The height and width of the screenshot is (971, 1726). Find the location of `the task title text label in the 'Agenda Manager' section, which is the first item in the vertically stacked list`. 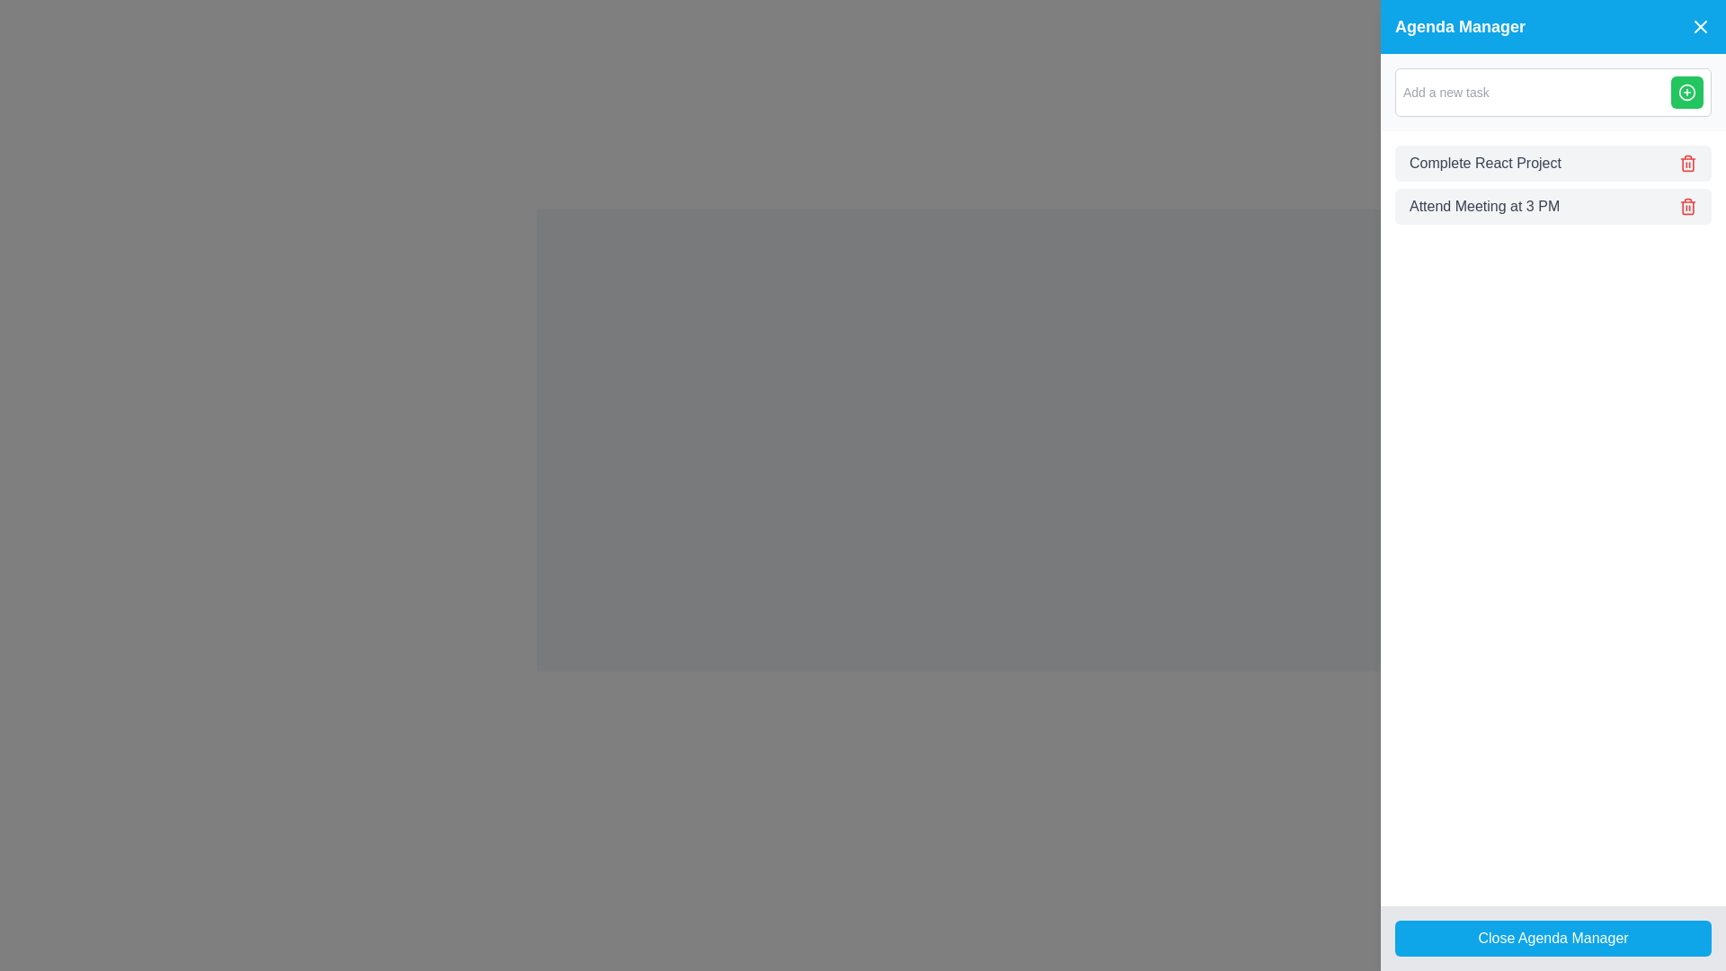

the task title text label in the 'Agenda Manager' section, which is the first item in the vertically stacked list is located at coordinates (1485, 163).